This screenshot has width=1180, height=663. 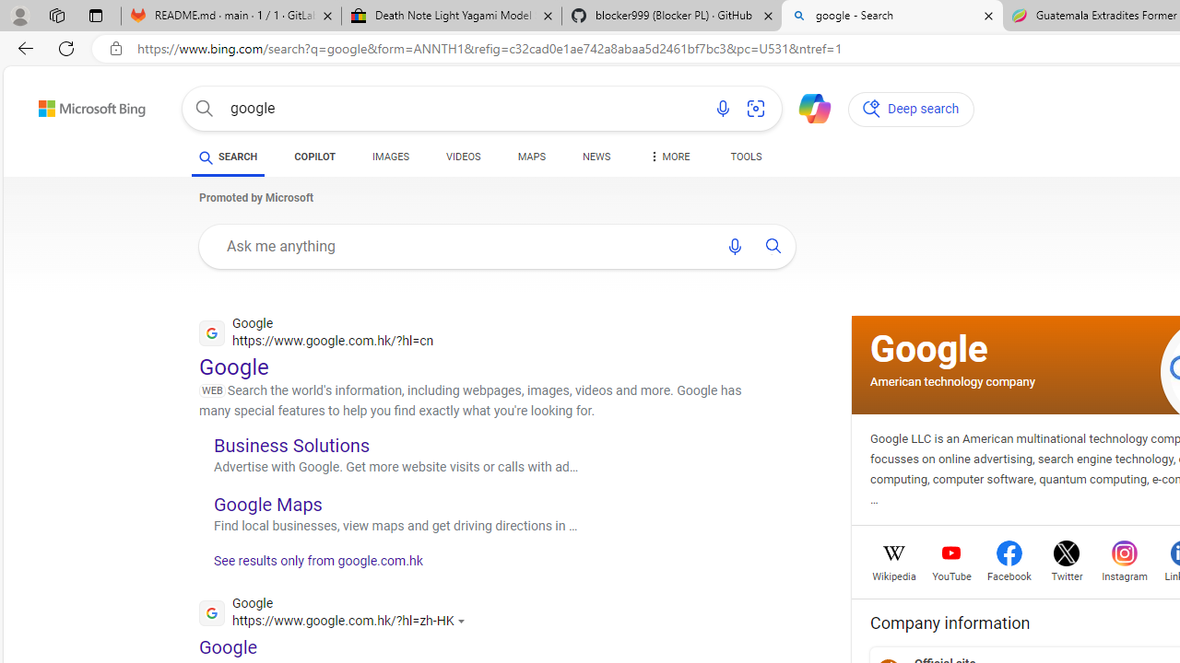 What do you see at coordinates (773, 245) in the screenshot?
I see `'AutomationID: uaseabtn'` at bounding box center [773, 245].